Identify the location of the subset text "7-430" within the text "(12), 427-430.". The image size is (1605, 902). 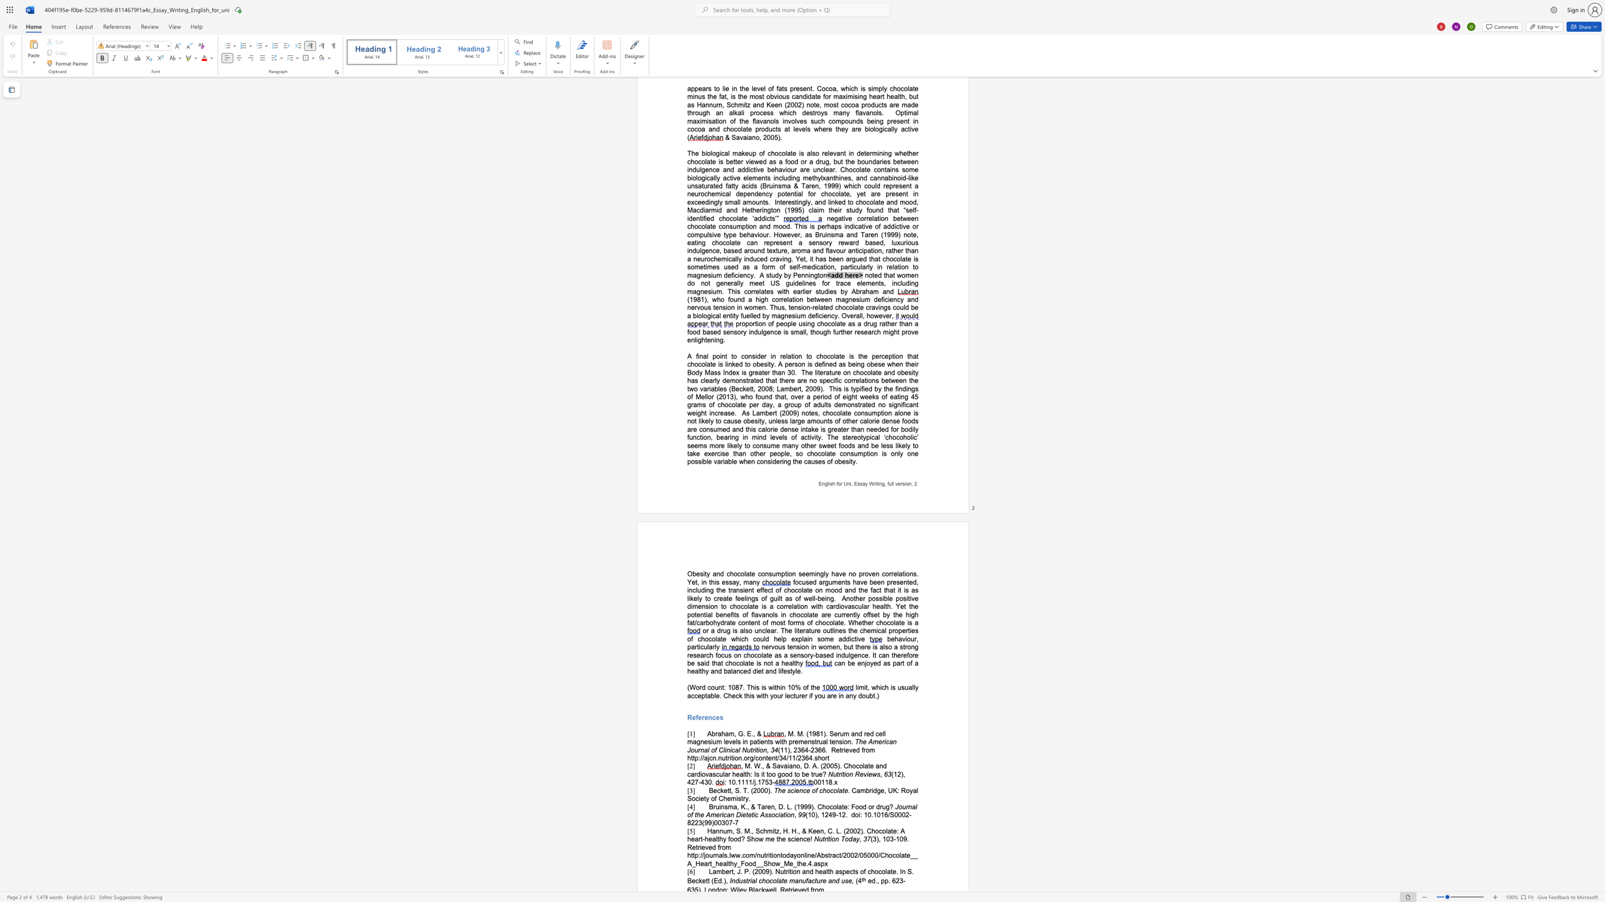
(695, 782).